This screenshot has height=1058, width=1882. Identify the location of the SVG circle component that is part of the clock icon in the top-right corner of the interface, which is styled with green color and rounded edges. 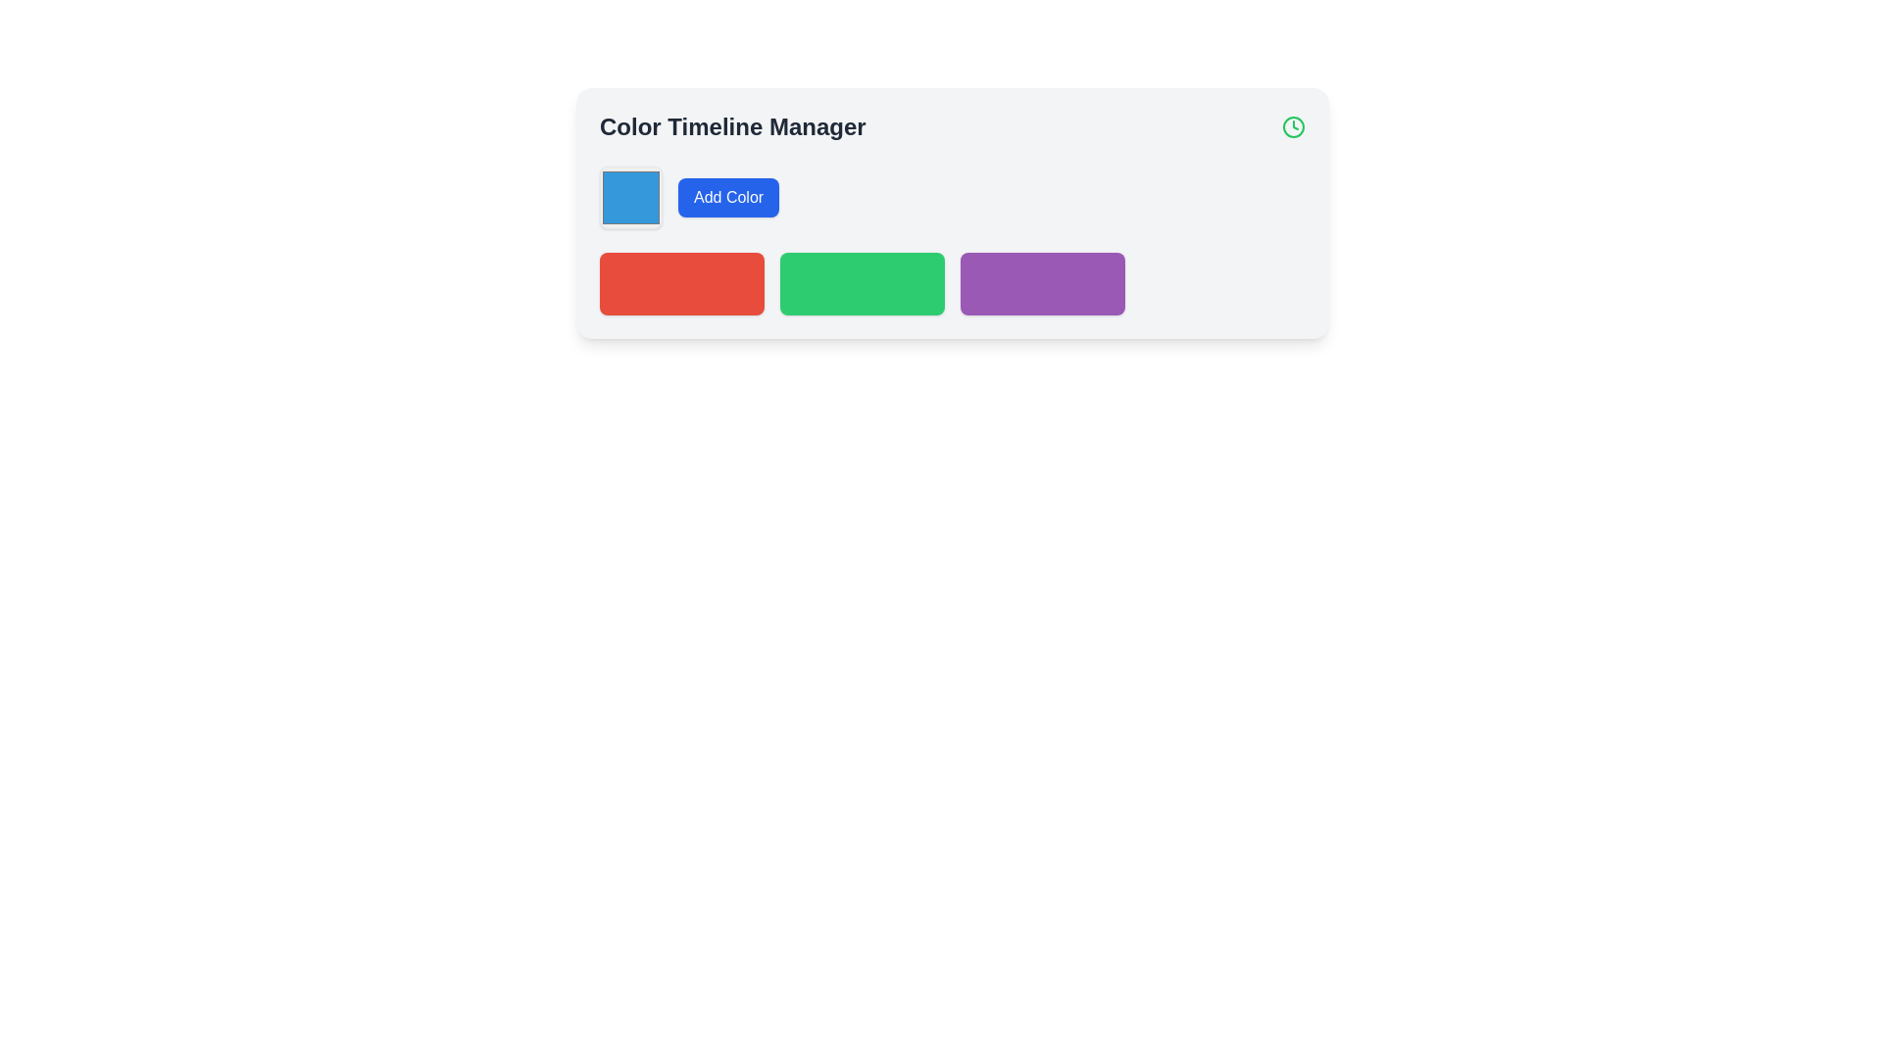
(1294, 127).